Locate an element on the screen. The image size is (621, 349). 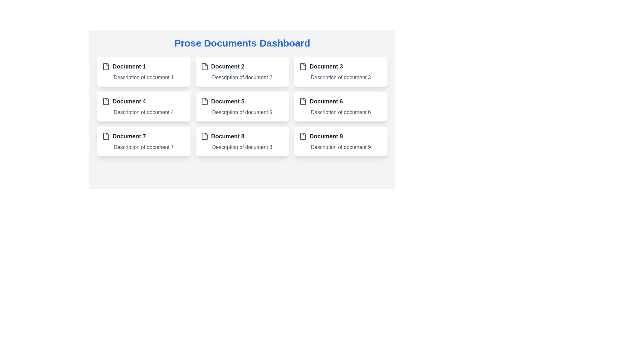
the 'Document 4' card is located at coordinates (143, 106).